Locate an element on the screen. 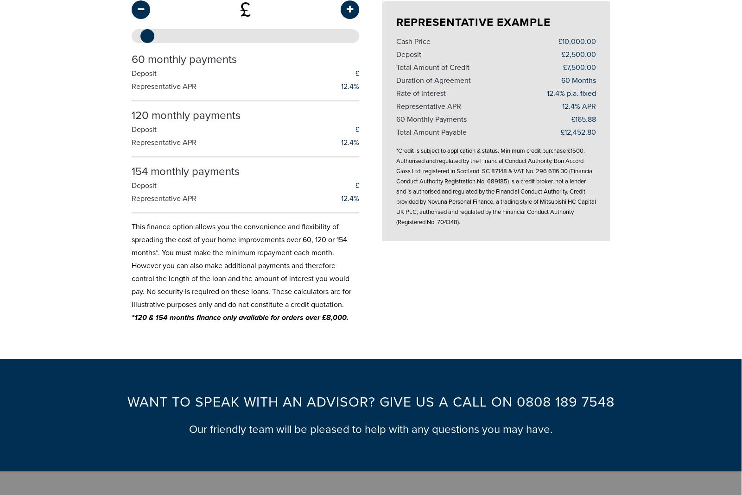 The height and width of the screenshot is (495, 742). '60 Monthly Payments' is located at coordinates (431, 114).